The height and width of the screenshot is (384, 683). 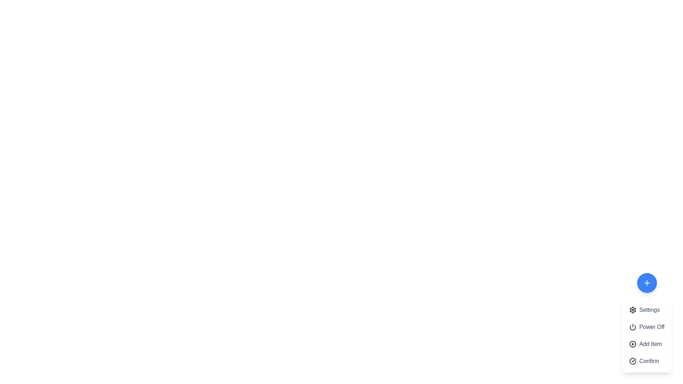 I want to click on the 'Power Off' button in the menu, so click(x=647, y=327).